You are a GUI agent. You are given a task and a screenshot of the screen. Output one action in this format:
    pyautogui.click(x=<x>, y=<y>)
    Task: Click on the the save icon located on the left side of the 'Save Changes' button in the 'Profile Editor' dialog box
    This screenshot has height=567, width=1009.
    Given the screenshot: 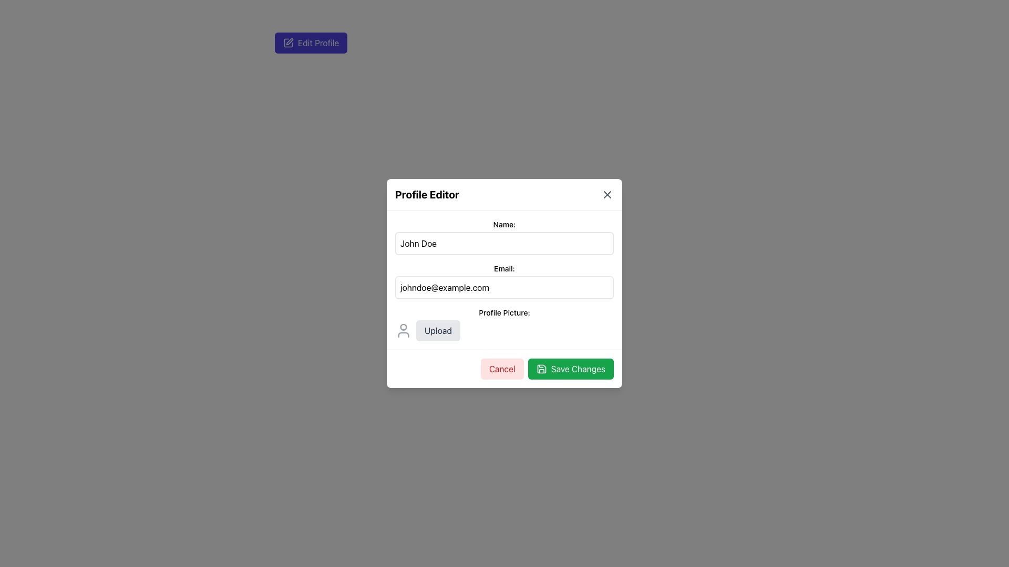 What is the action you would take?
    pyautogui.click(x=541, y=368)
    